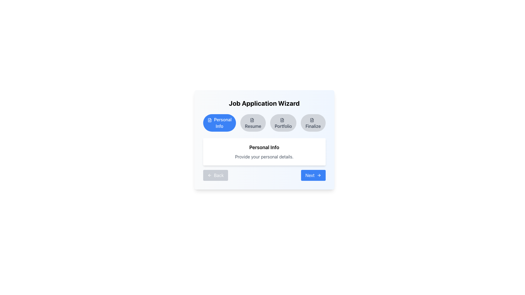  Describe the element at coordinates (253, 123) in the screenshot. I see `the second button in a row of four buttons, which serves as a navigation option for selecting 'Resume'` at that location.